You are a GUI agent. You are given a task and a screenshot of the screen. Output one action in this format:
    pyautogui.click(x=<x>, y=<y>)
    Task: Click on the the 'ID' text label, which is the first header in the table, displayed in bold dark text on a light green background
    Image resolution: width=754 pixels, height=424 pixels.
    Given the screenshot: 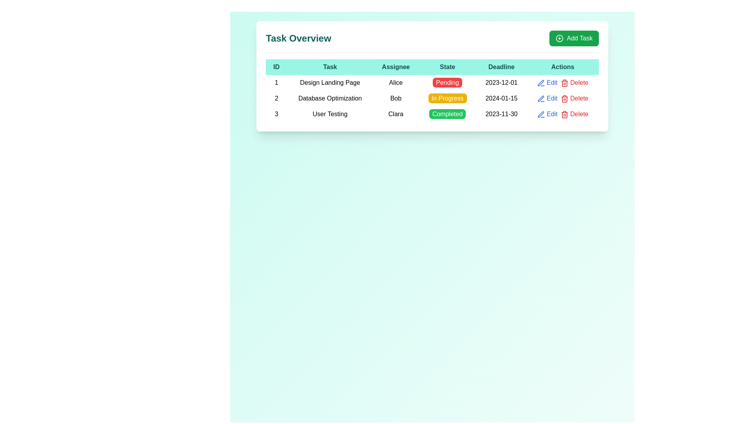 What is the action you would take?
    pyautogui.click(x=276, y=66)
    